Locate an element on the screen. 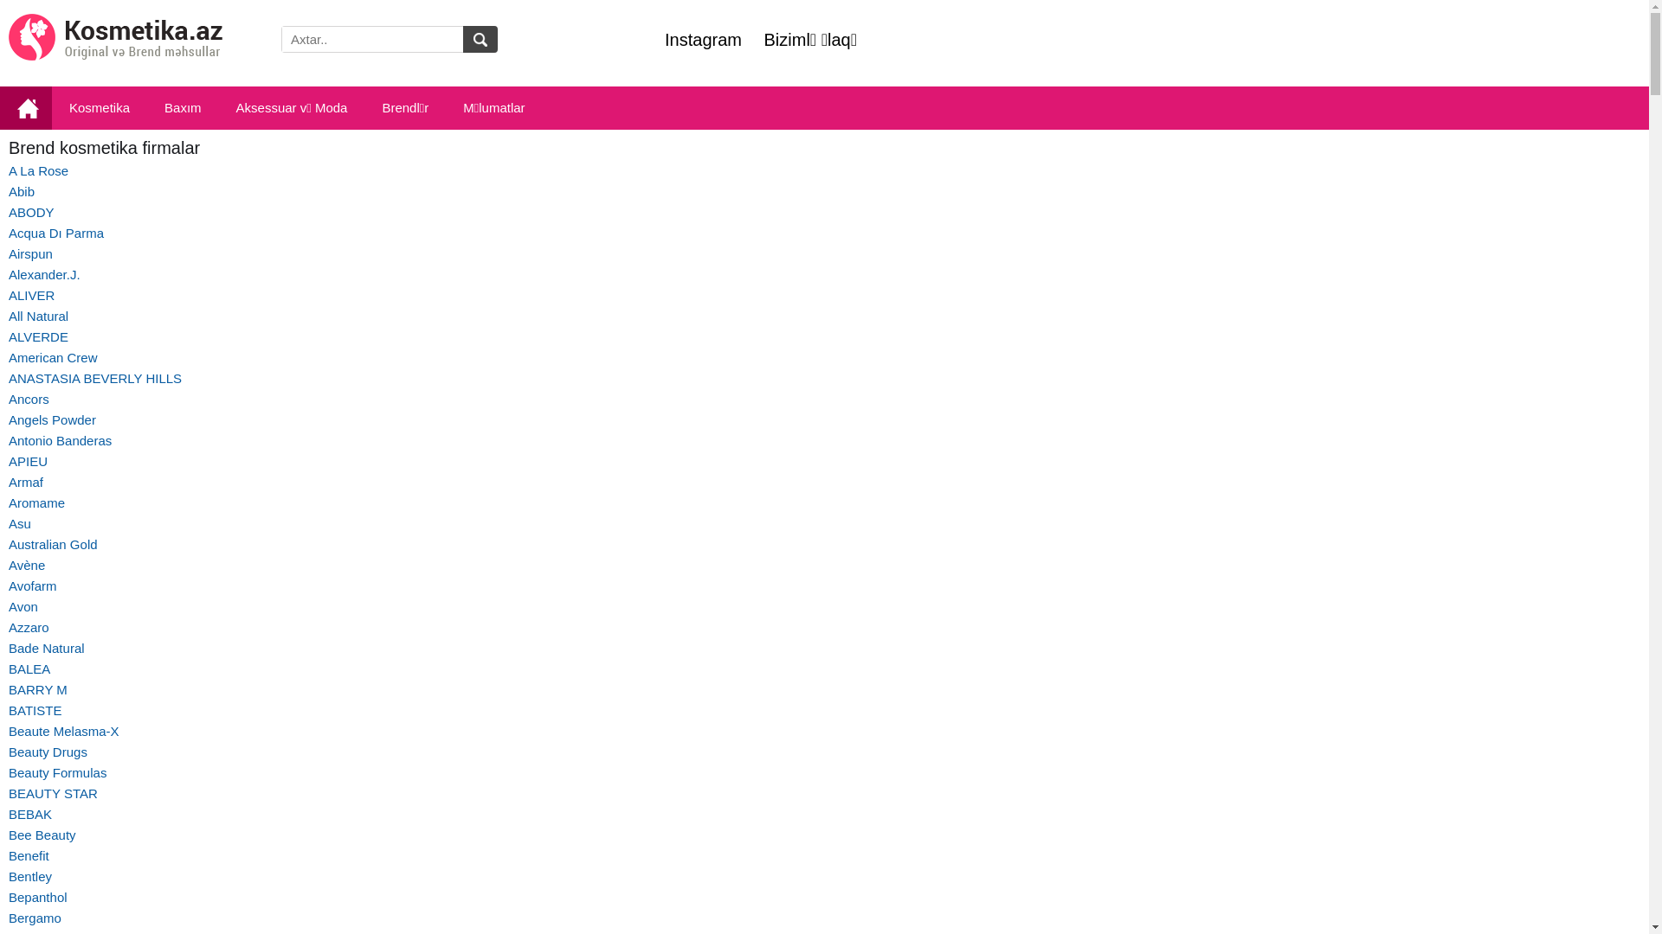 Image resolution: width=1662 pixels, height=934 pixels. 'Benefit' is located at coordinates (29, 854).